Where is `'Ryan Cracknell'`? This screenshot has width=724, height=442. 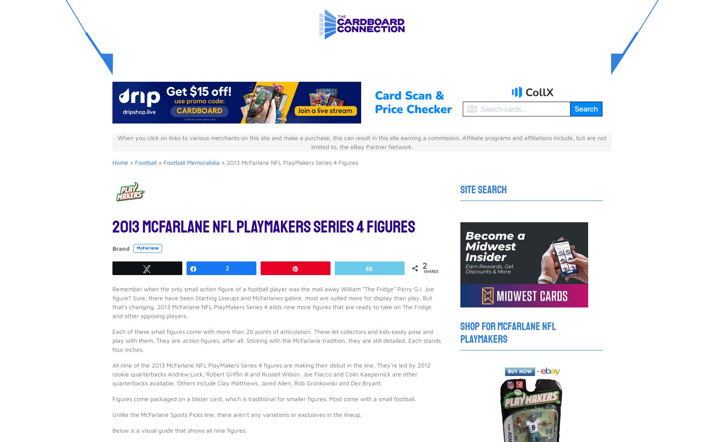
'Ryan Cracknell' is located at coordinates (156, 289).